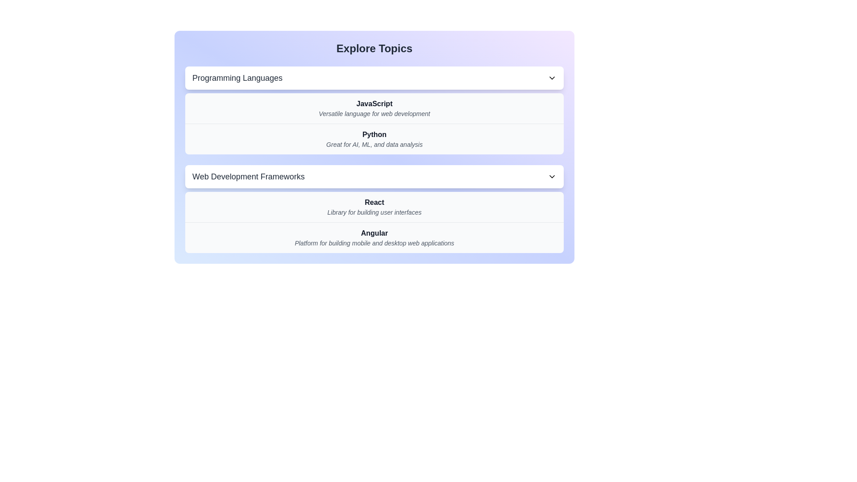 The height and width of the screenshot is (482, 857). What do you see at coordinates (248, 177) in the screenshot?
I see `the bold text label 'Web Development Frameworks' which is located in the center of the display panel, above the 'React' section` at bounding box center [248, 177].